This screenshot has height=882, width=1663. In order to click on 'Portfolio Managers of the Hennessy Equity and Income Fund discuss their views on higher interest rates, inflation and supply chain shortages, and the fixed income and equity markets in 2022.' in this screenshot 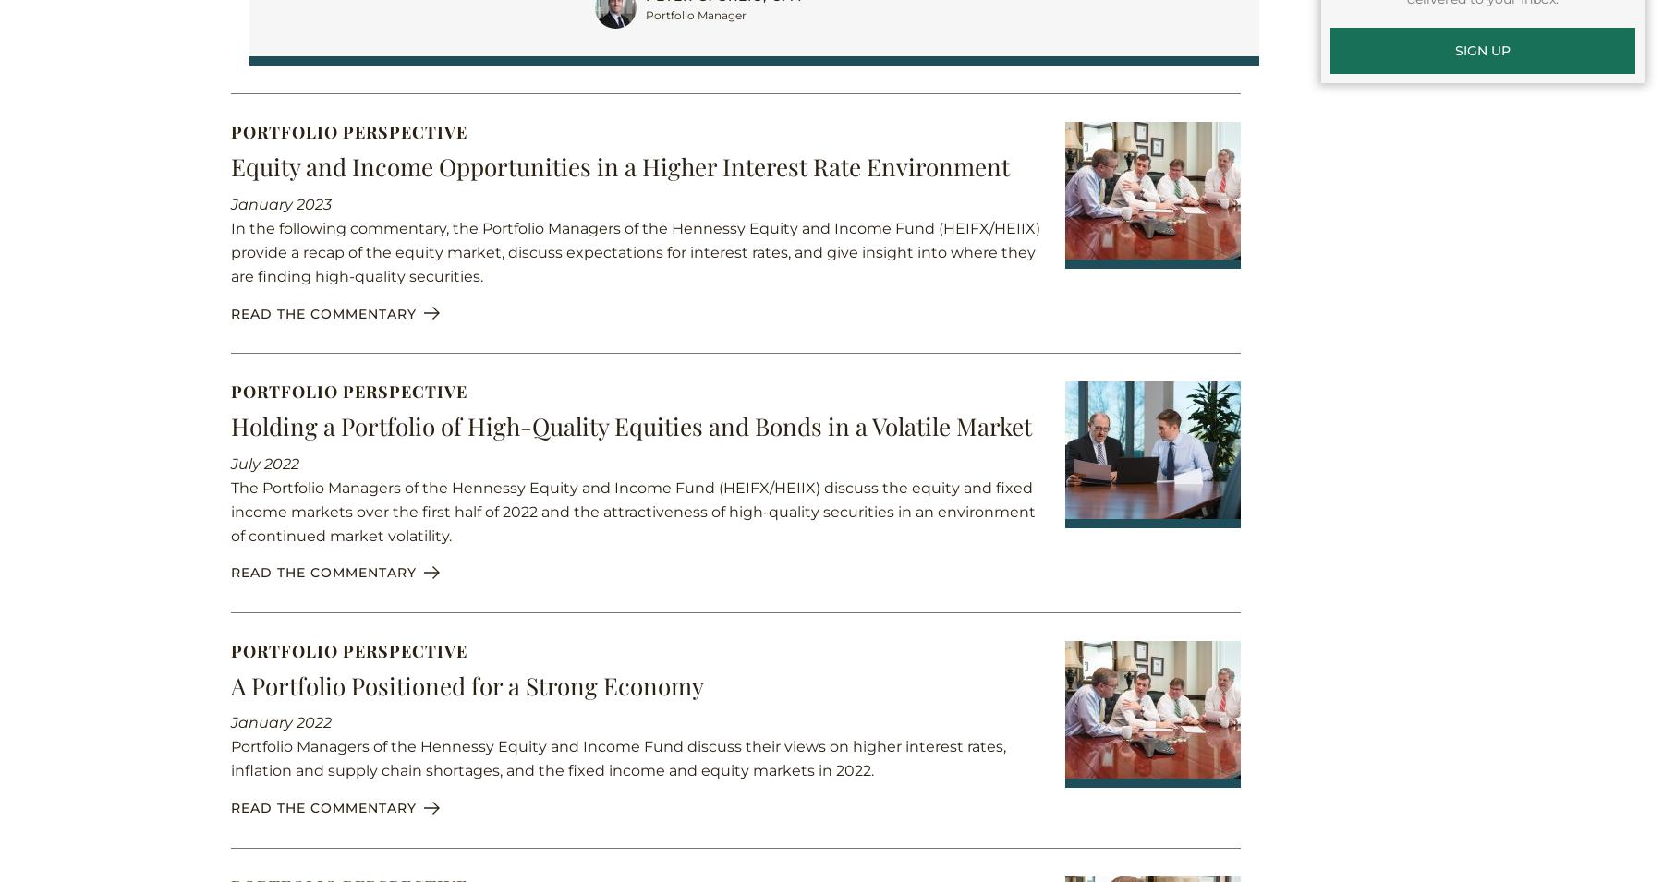, I will do `click(230, 758)`.